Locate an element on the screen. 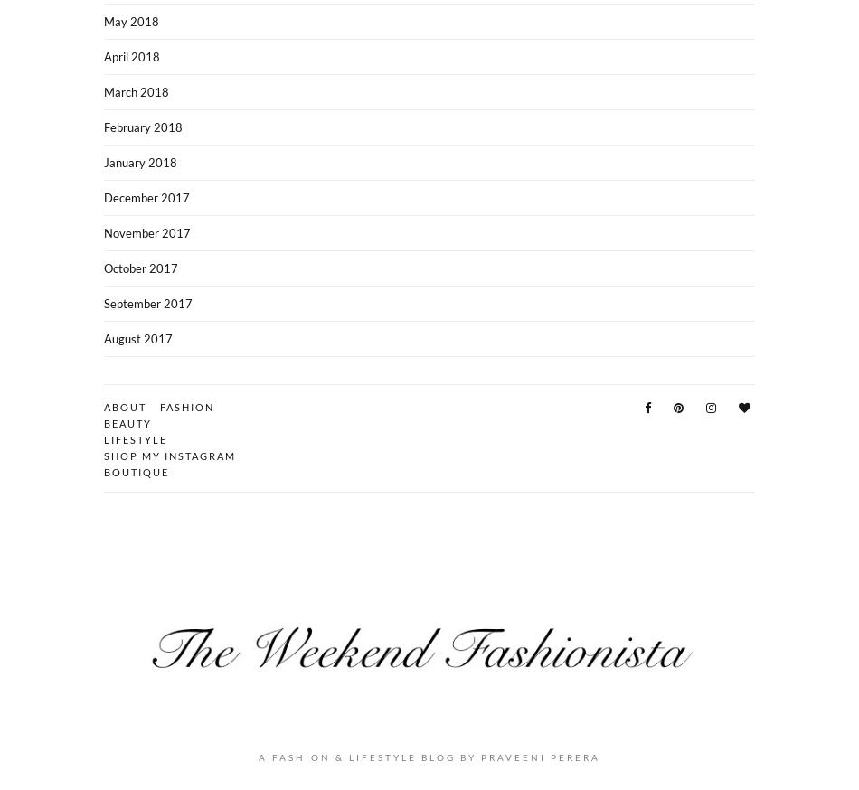  'September 2017' is located at coordinates (147, 302).